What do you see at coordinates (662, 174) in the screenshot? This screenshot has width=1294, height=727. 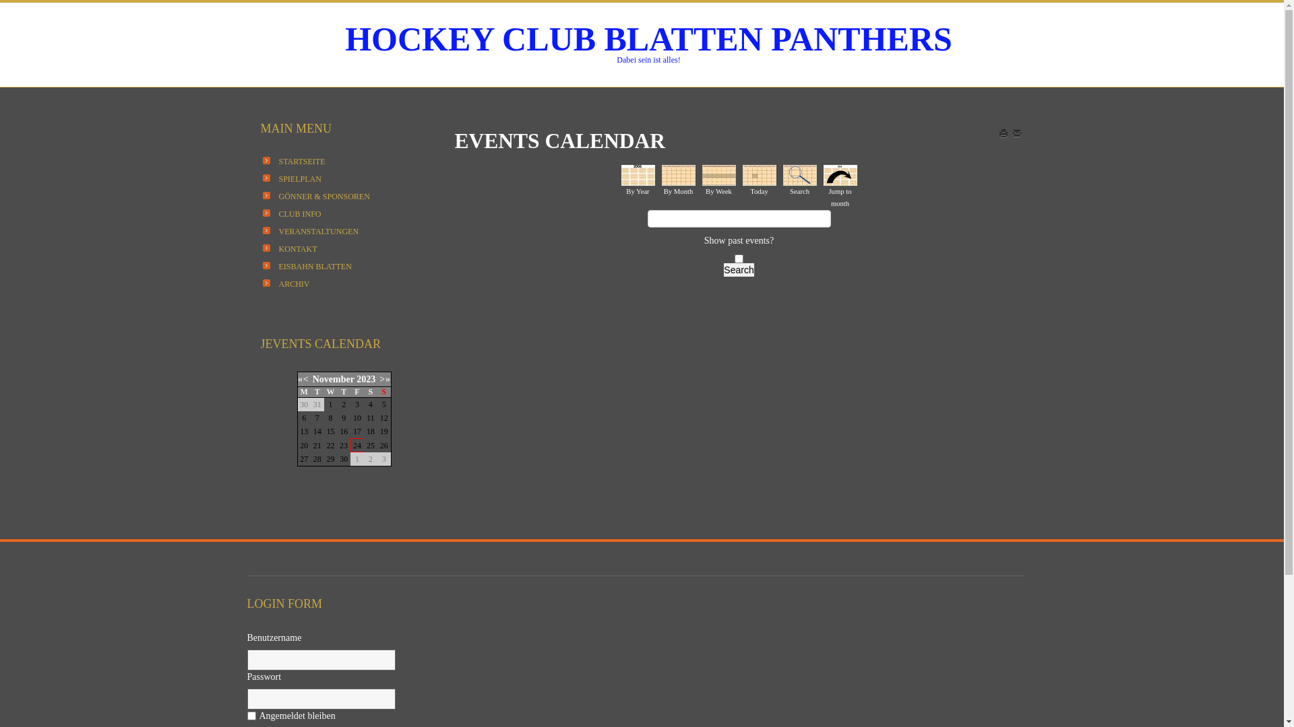 I see `'By Month'` at bounding box center [662, 174].